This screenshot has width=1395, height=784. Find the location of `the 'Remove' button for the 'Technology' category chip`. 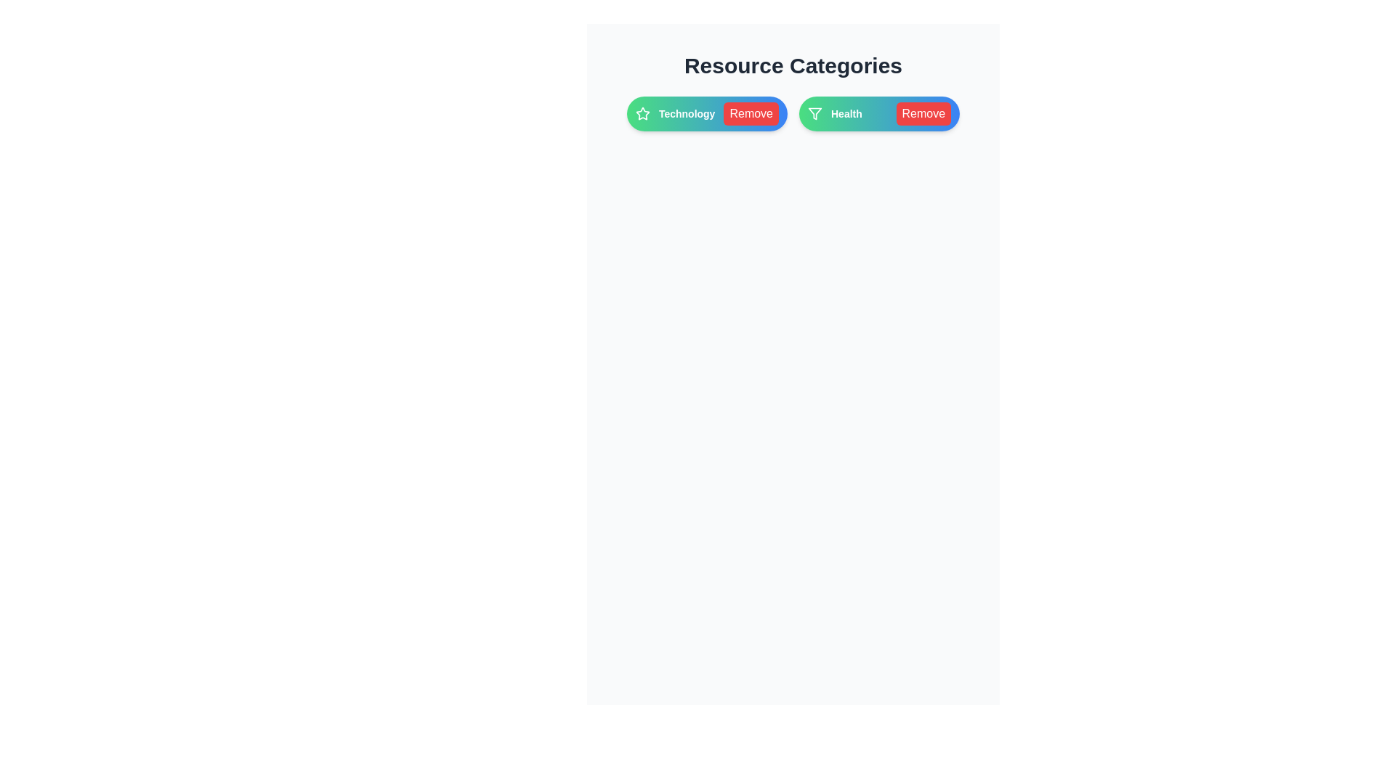

the 'Remove' button for the 'Technology' category chip is located at coordinates (751, 113).